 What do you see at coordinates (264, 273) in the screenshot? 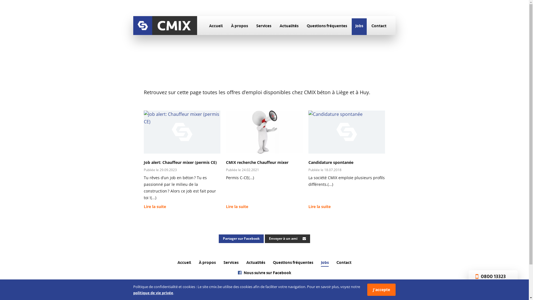
I see `'Nous suivre sur Facebook'` at bounding box center [264, 273].